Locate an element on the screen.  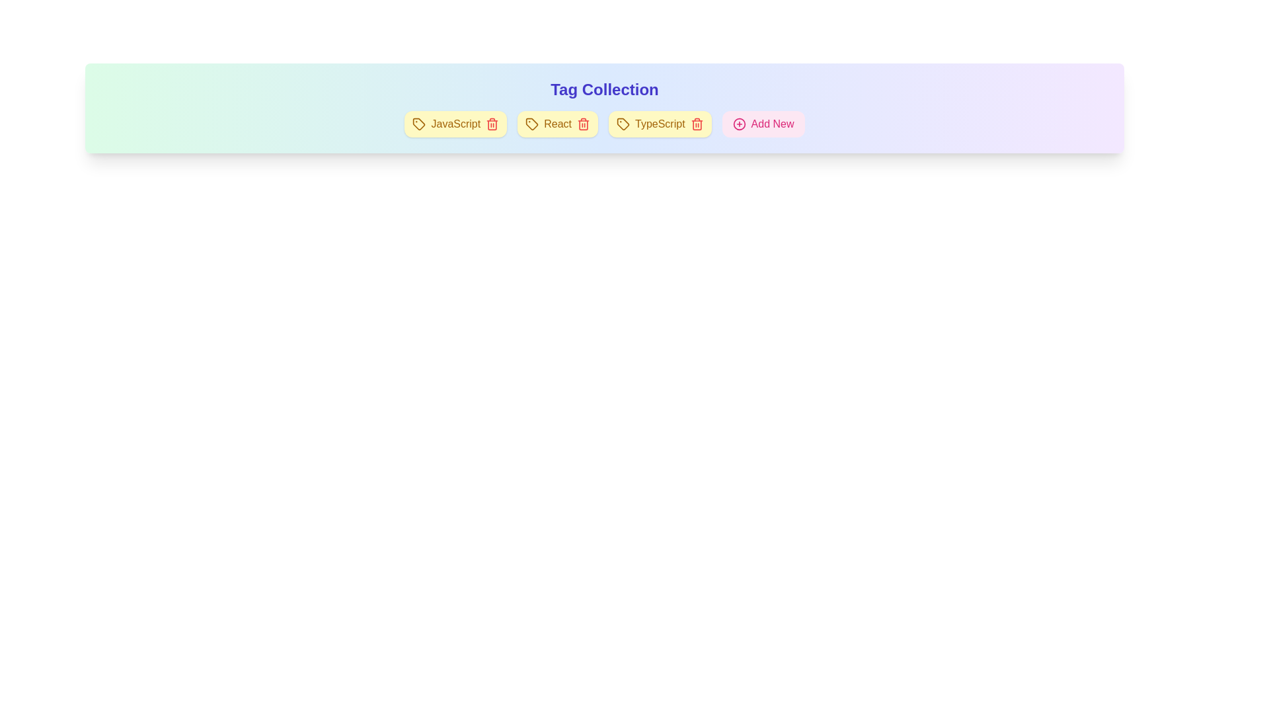
the second interactive tag button labeled 'React', which has a light yellow pill-shaped background and a delete icon on the right is located at coordinates (558, 124).